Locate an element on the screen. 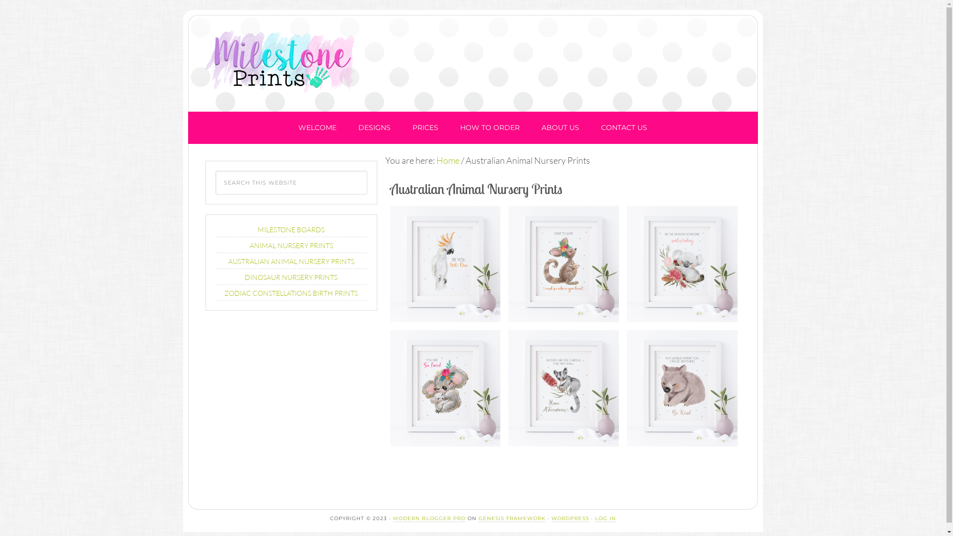 The width and height of the screenshot is (953, 536). 'WELCOME' is located at coordinates (317, 127).